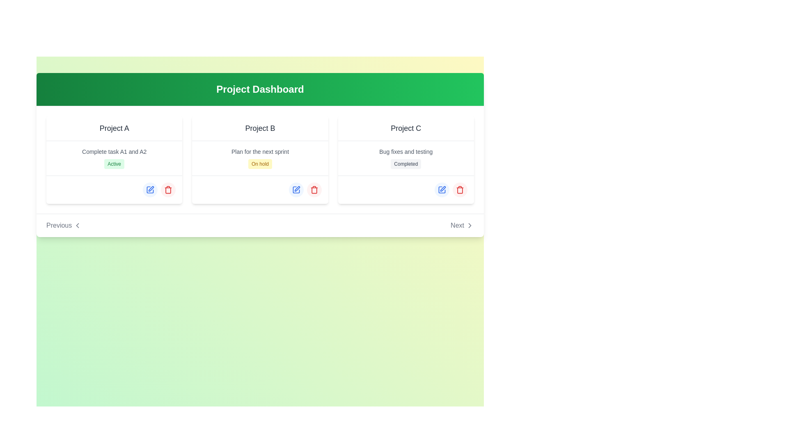 The height and width of the screenshot is (443, 788). What do you see at coordinates (406, 190) in the screenshot?
I see `the Action Panel at the bottom of the 'Project C' card in the 'Project Dashboard'` at bounding box center [406, 190].